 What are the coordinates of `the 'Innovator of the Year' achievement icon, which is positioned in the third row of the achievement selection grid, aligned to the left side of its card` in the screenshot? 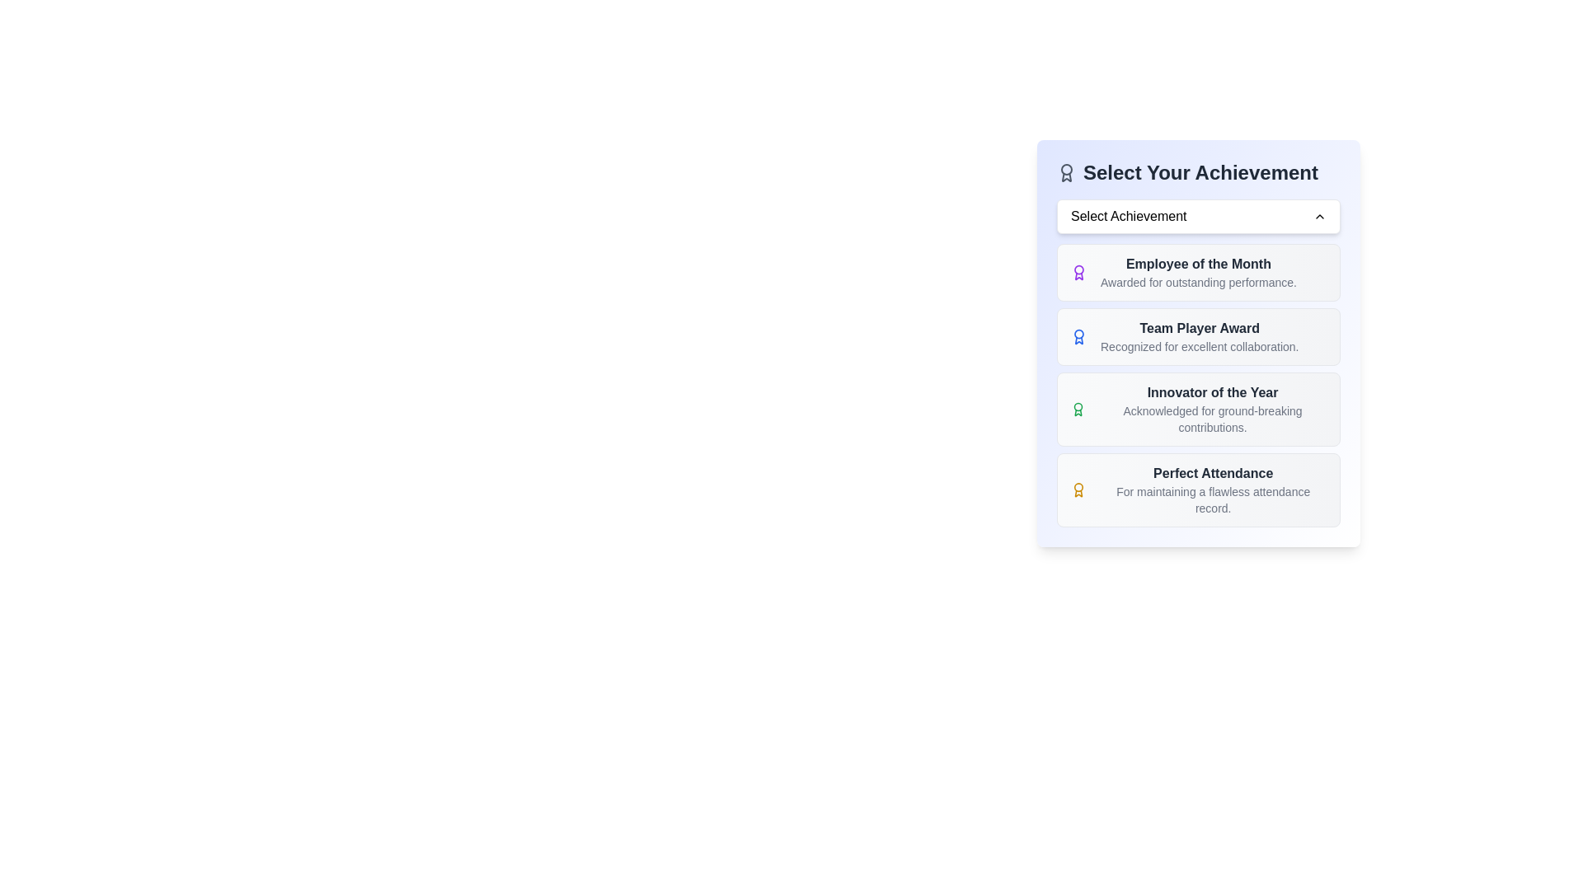 It's located at (1078, 409).